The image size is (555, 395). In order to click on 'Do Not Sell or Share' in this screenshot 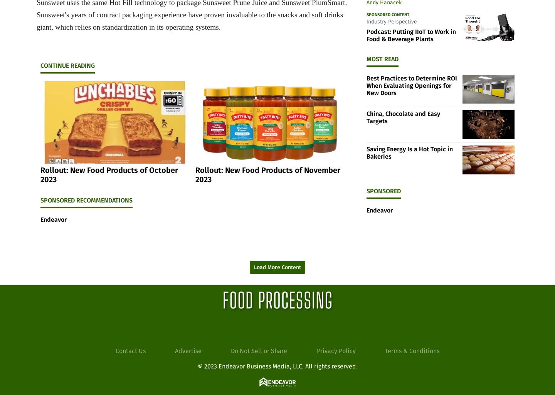, I will do `click(259, 350)`.